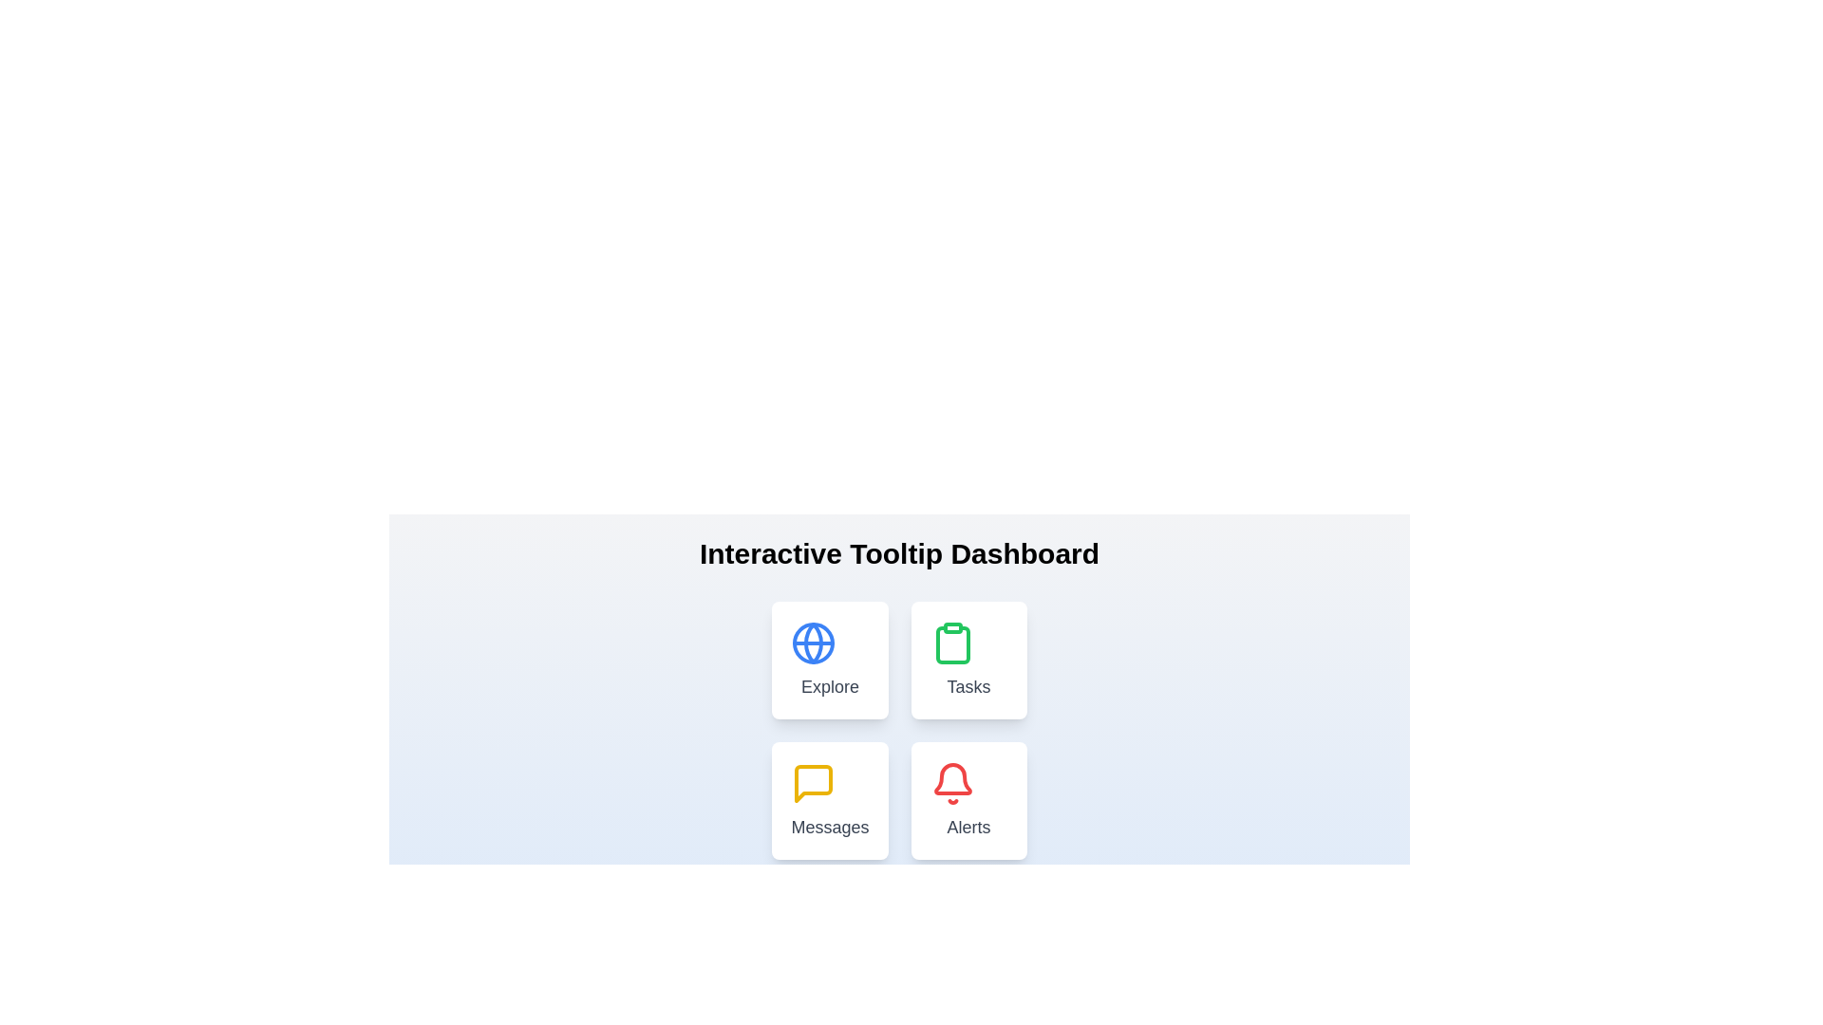 This screenshot has width=1823, height=1025. Describe the element at coordinates (814, 643) in the screenshot. I see `the globe icon in the top-left corner of the grid to initiate an explore-related action` at that location.